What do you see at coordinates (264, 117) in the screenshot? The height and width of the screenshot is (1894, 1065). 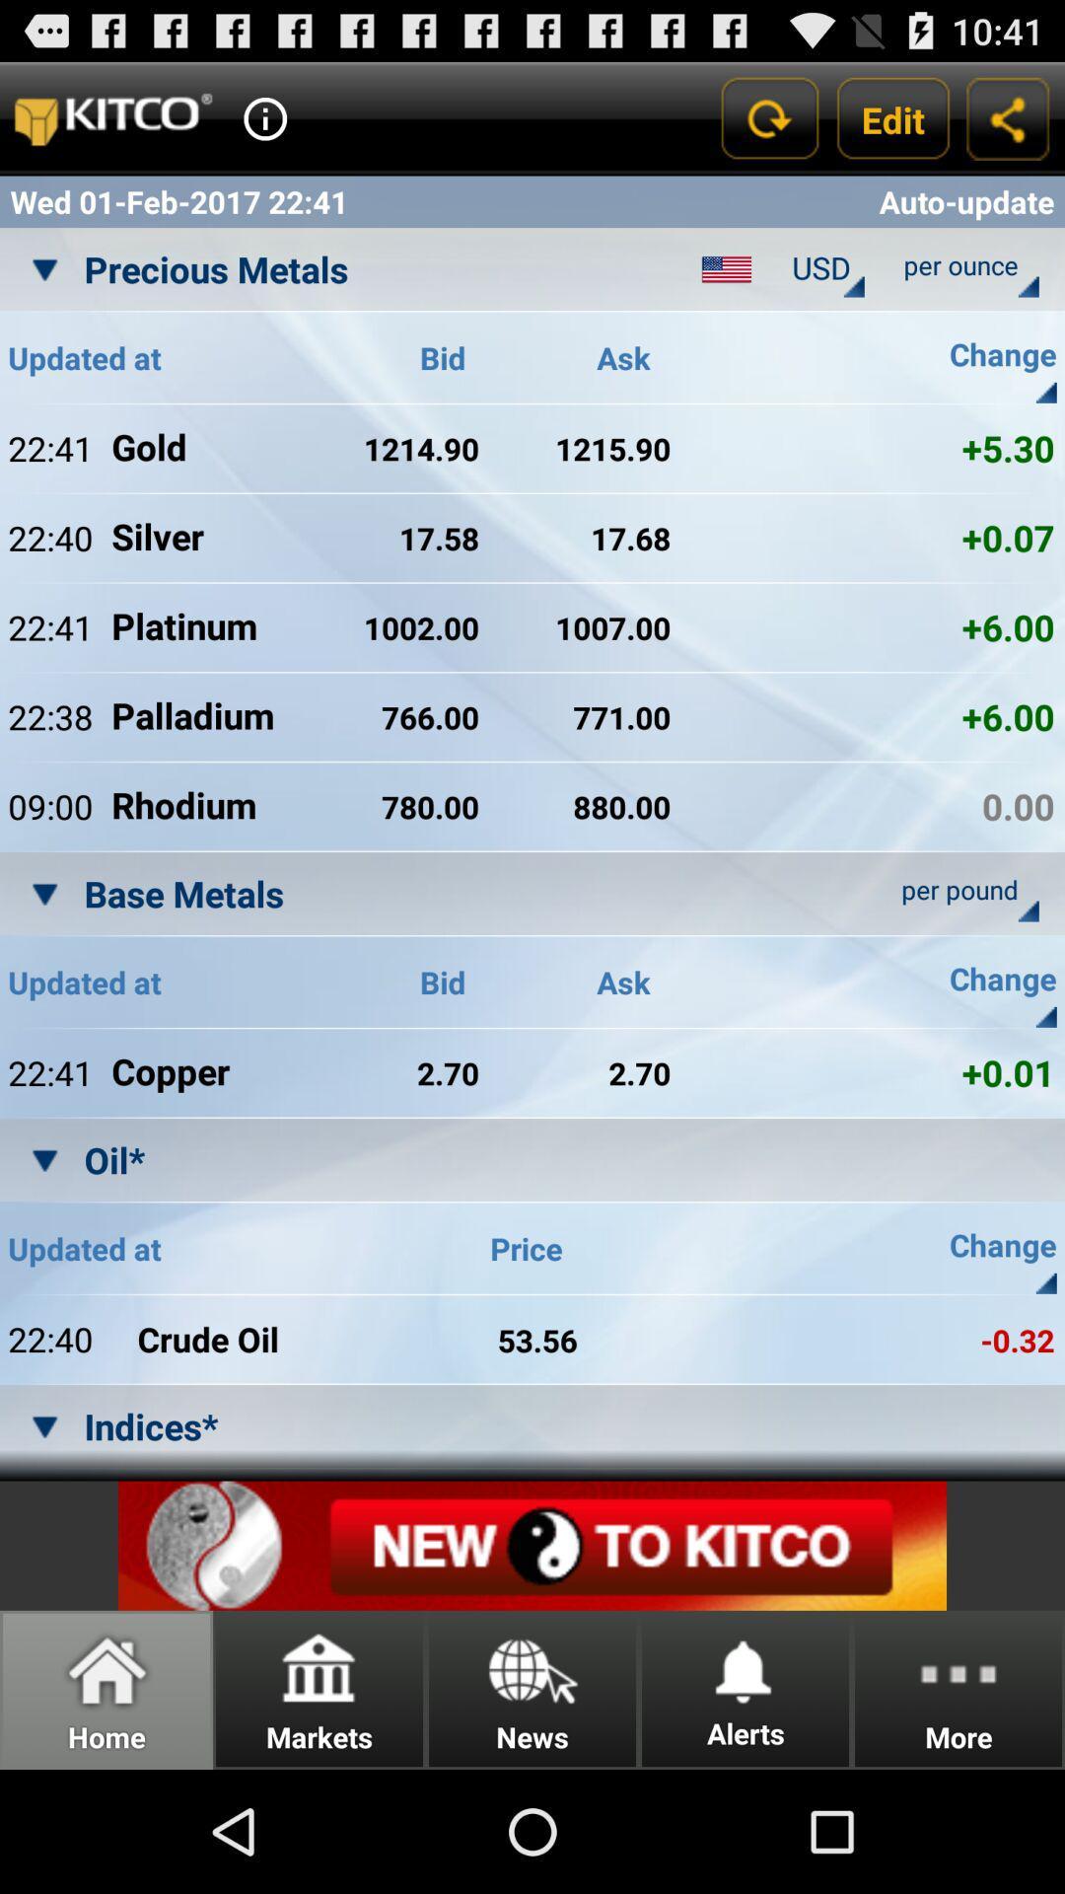 I see `provides additional information` at bounding box center [264, 117].